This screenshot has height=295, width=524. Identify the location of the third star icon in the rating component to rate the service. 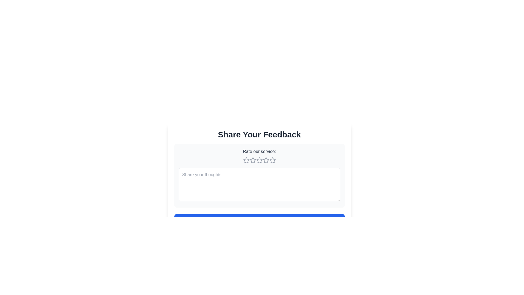
(259, 160).